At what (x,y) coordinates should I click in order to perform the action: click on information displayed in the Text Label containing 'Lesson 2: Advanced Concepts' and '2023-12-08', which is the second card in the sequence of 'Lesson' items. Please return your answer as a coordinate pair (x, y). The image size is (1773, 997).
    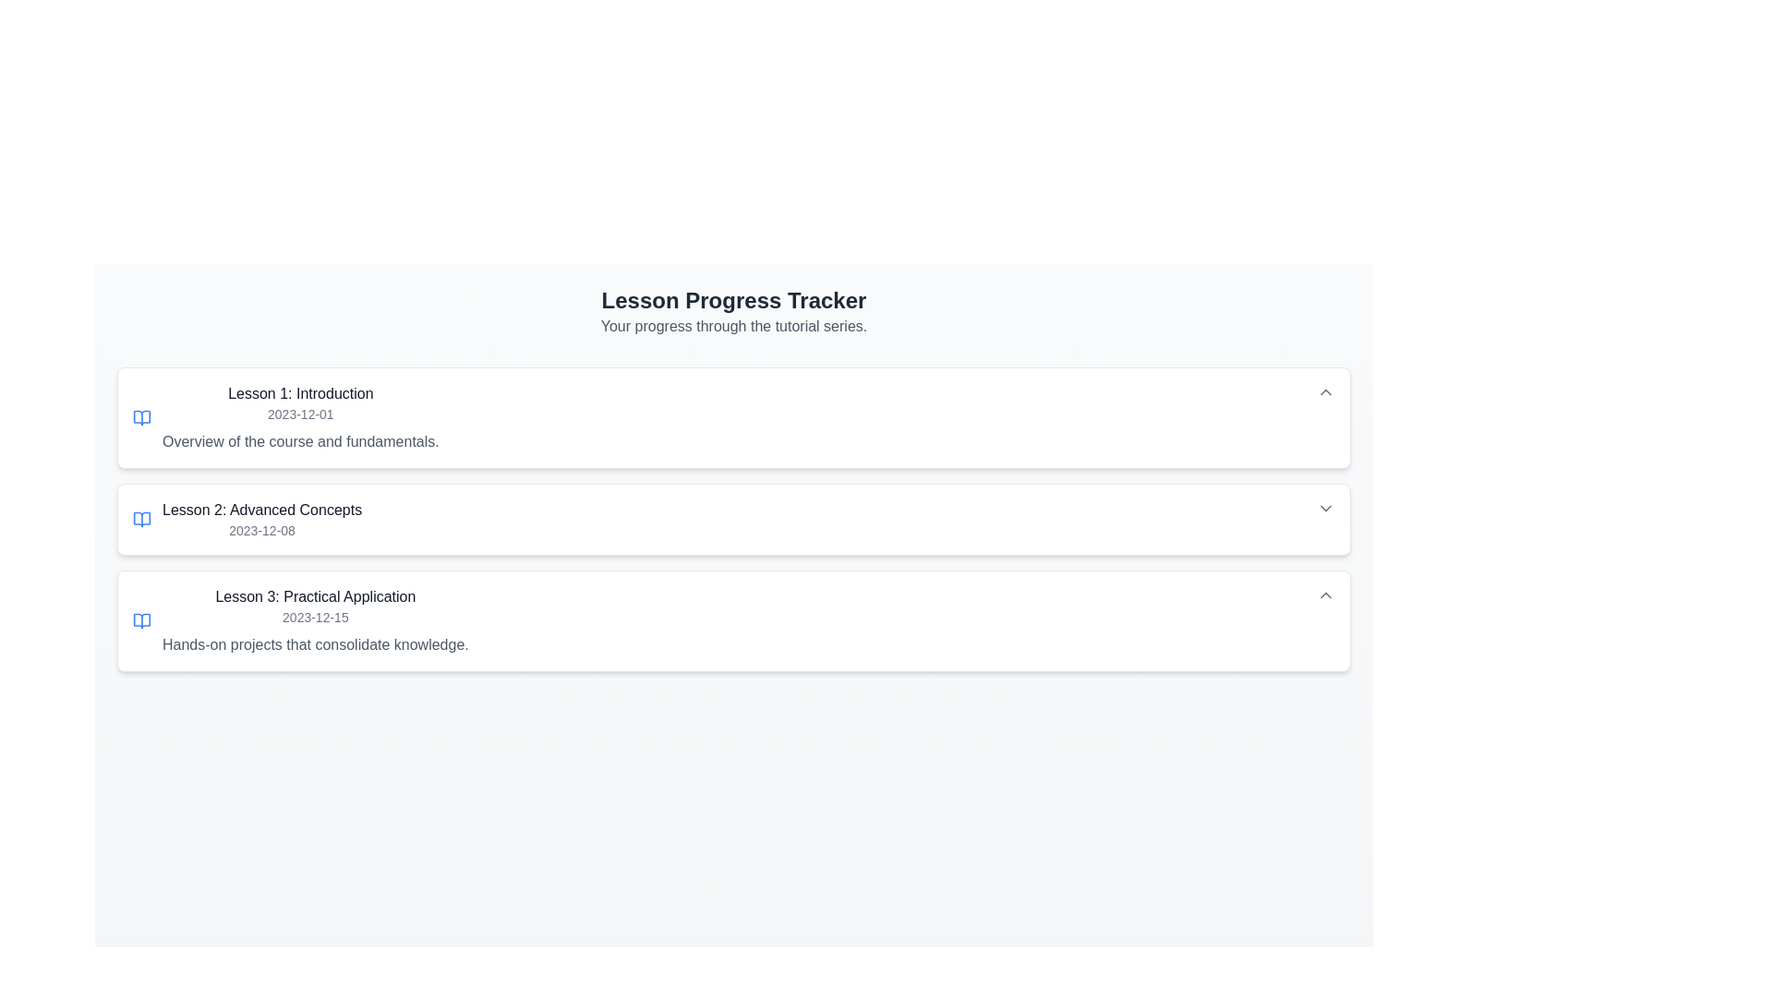
    Looking at the image, I should click on (261, 520).